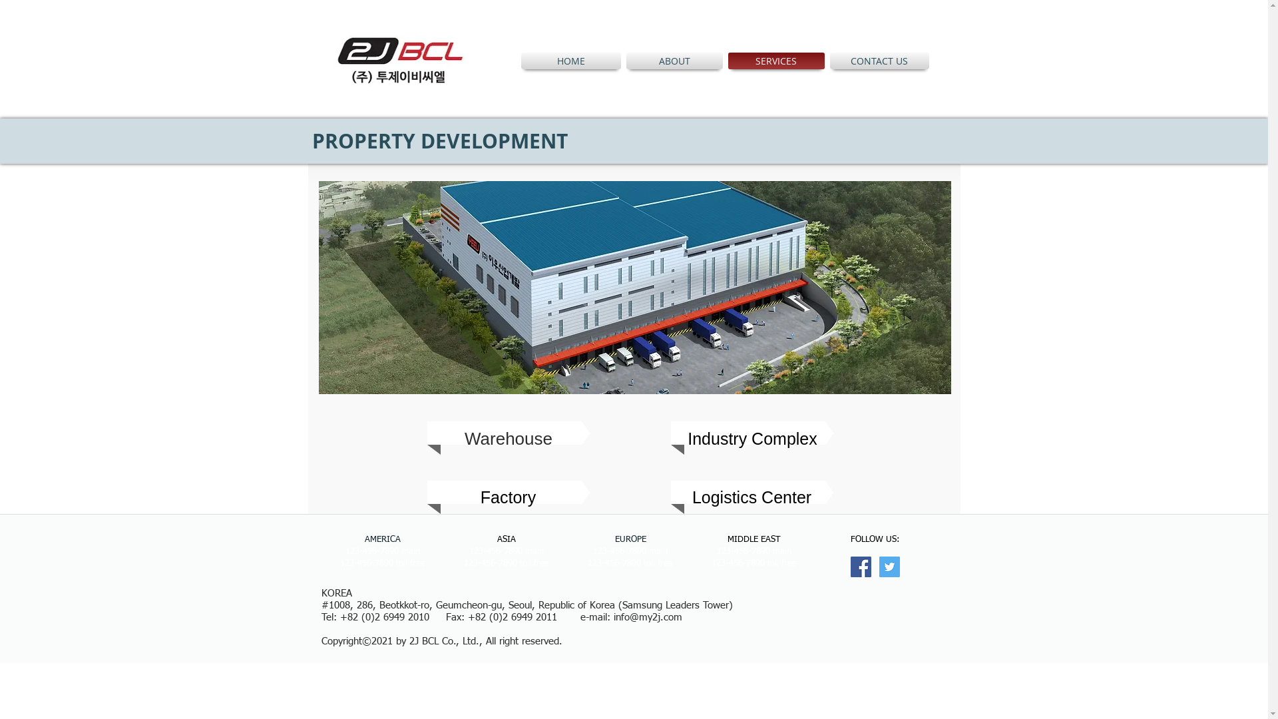  I want to click on 'HOME', so click(572, 61).